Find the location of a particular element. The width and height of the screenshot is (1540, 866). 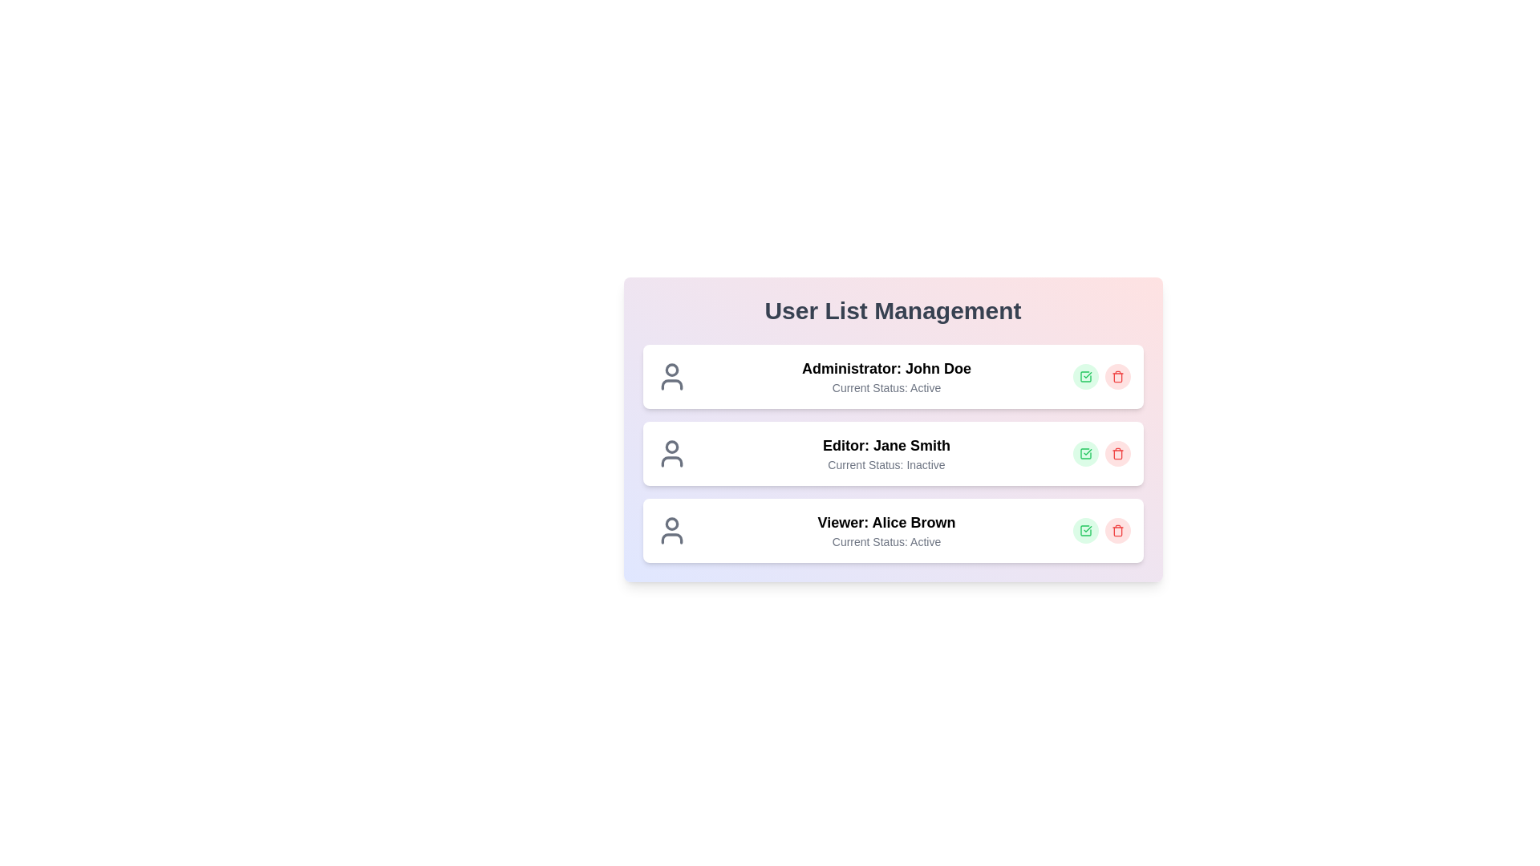

the list item displaying user information for 'Editor: Jane Smith' is located at coordinates (892, 454).